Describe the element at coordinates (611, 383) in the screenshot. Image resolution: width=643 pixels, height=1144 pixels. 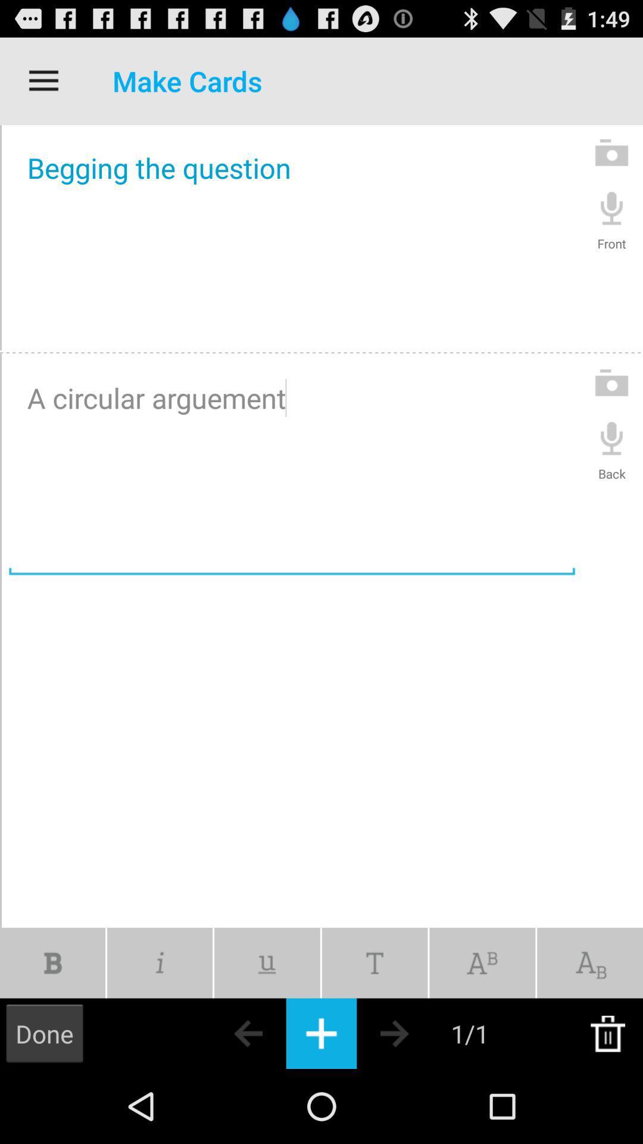
I see `photo` at that location.